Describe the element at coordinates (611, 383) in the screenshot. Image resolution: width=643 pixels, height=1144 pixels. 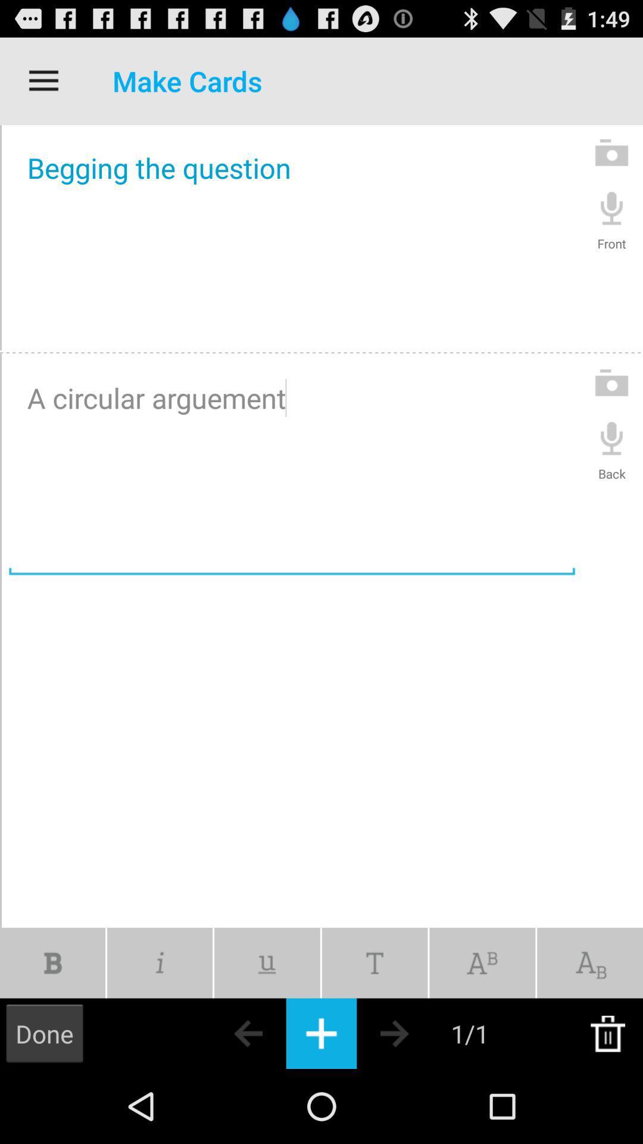
I see `photo` at that location.